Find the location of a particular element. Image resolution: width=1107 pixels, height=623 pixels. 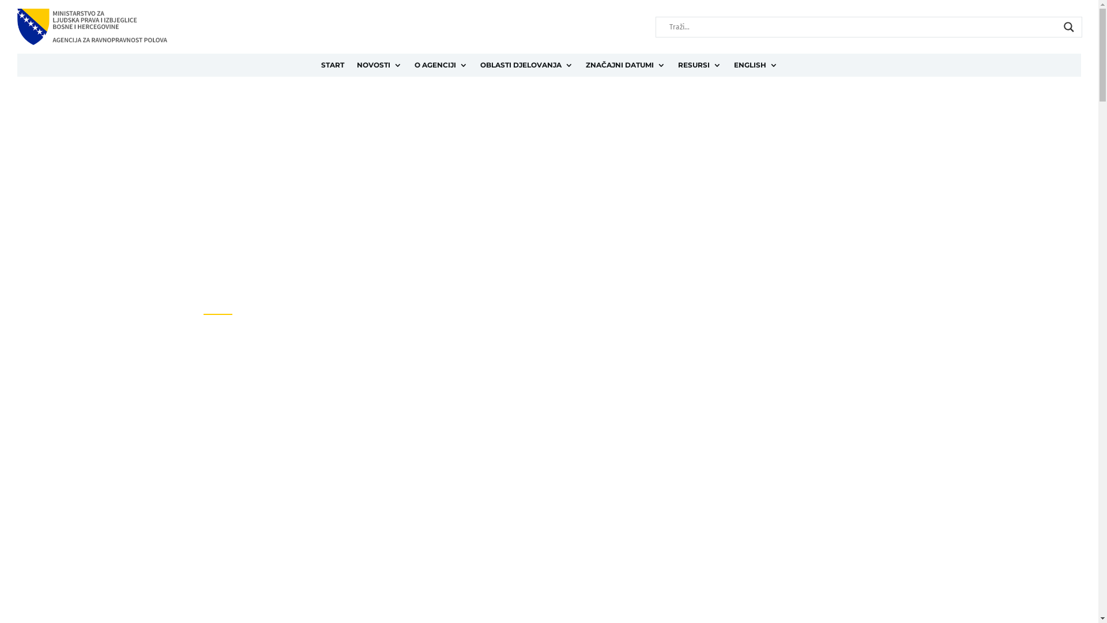

'OBLASTI DJELOVANJA' is located at coordinates (479, 67).